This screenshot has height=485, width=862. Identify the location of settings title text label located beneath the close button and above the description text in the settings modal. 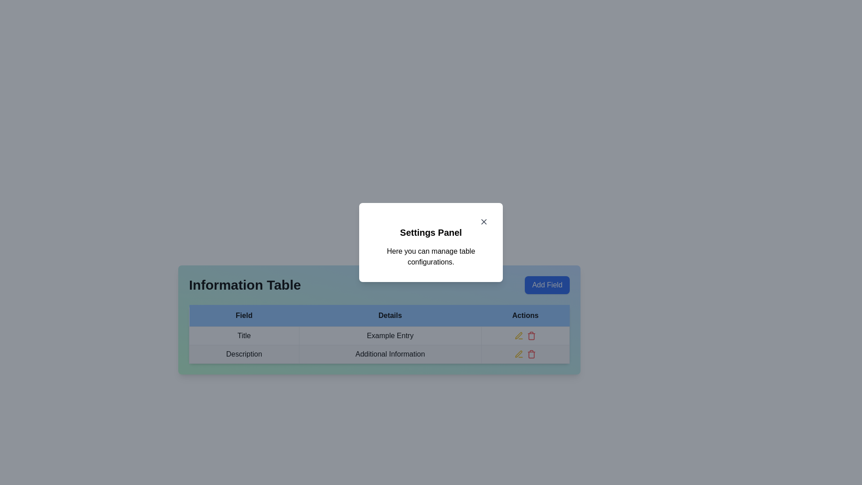
(431, 232).